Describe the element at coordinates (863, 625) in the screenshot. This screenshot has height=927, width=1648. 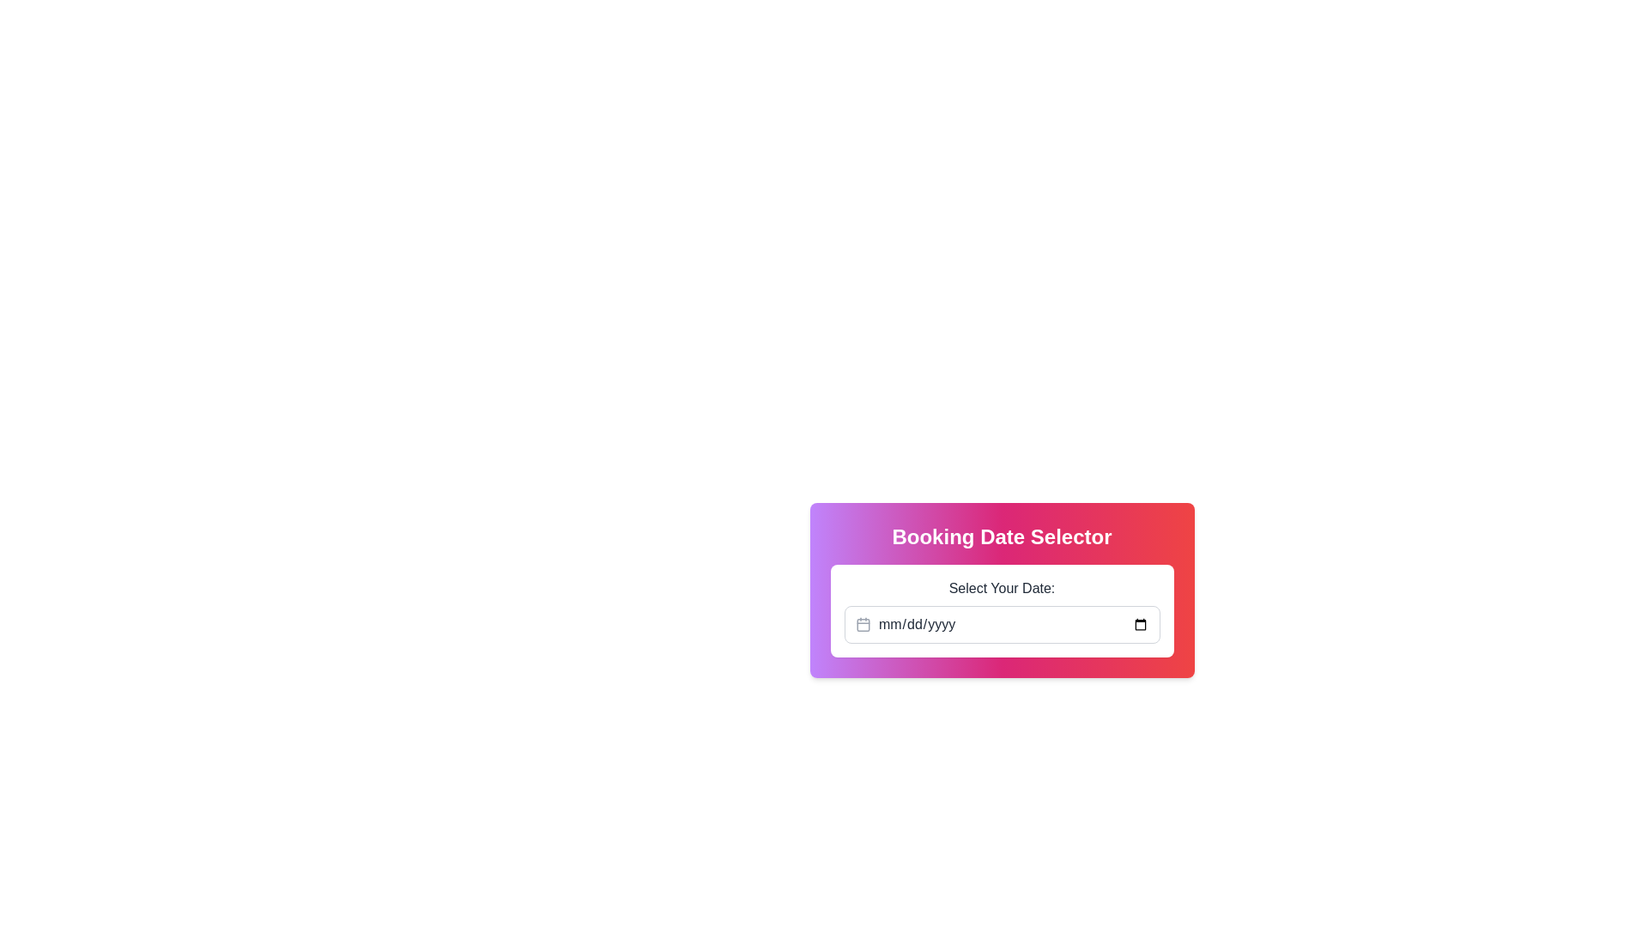
I see `the calendar icon located inside the 'Booking Date Selector' interface, which is positioned to the left of the 'mm/dd/yyyy' text input` at that location.